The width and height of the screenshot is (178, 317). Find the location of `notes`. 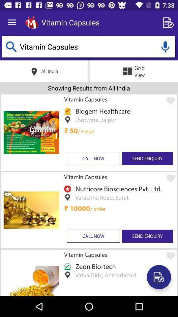

notes is located at coordinates (169, 22).